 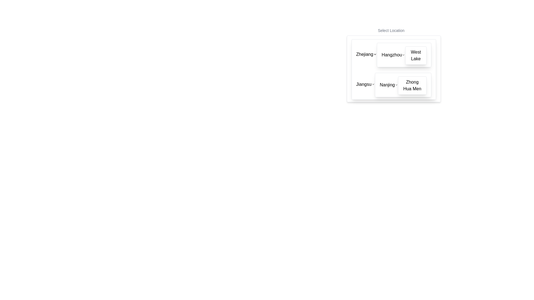 I want to click on the list item that displays 'Zhong Hua Men', so click(x=403, y=85).